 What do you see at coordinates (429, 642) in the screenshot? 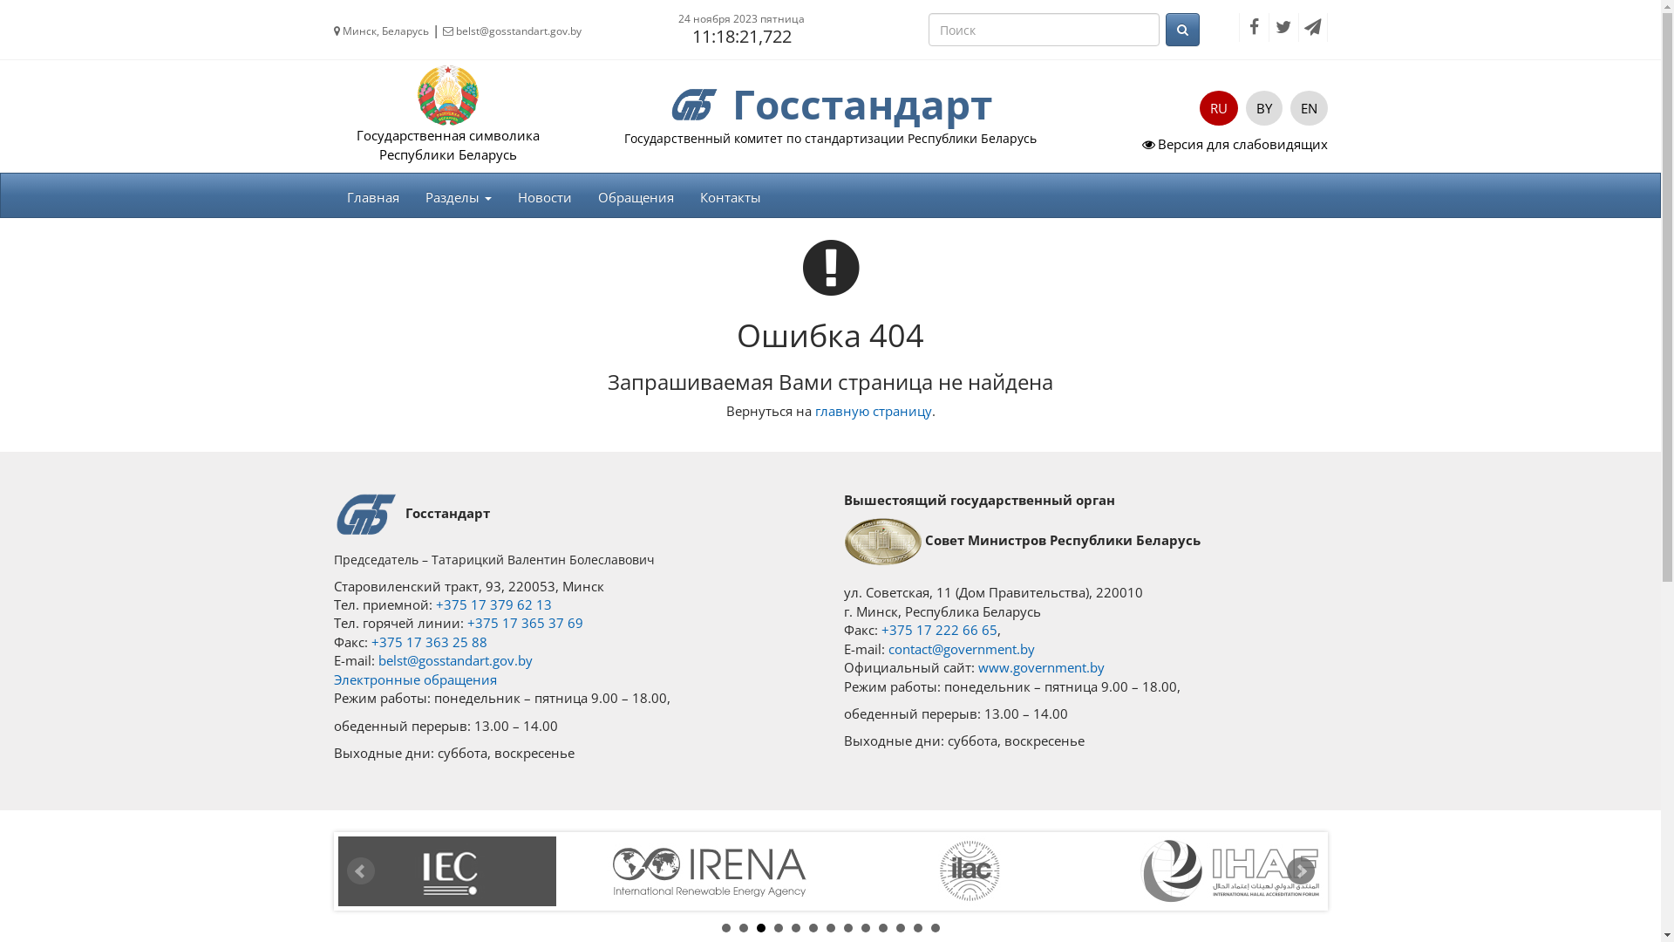
I see `'+375 17 363 25 88'` at bounding box center [429, 642].